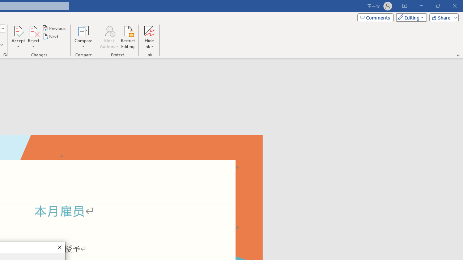 The height and width of the screenshot is (260, 463). I want to click on 'Reject', so click(33, 37).